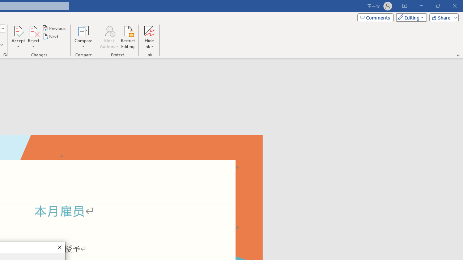 The height and width of the screenshot is (260, 463). I want to click on 'Reject', so click(33, 37).